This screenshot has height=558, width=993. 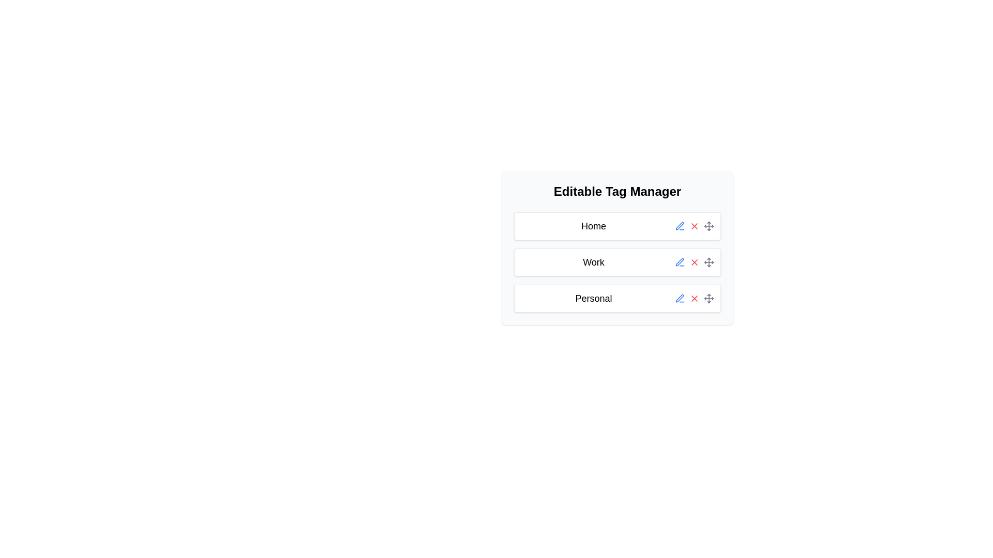 I want to click on the red 'X' button in the 'Editable Tag Manager' section, located in the row with the 'Home' label, so click(x=695, y=226).